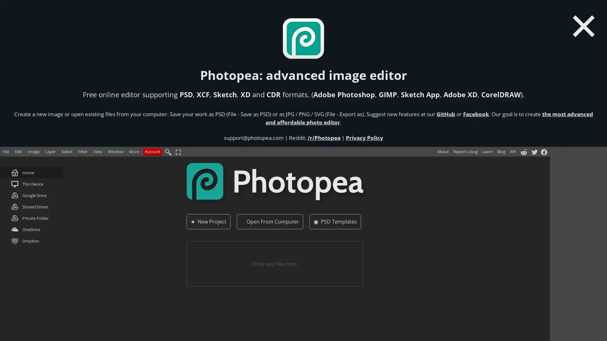 The width and height of the screenshot is (607, 341). What do you see at coordinates (513, 5) in the screenshot?
I see `API` at bounding box center [513, 5].